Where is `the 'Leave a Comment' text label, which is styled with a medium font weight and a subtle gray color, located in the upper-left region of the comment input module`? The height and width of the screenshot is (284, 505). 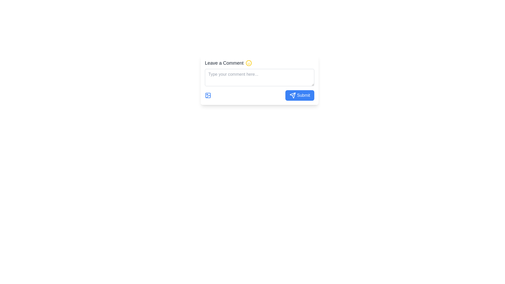
the 'Leave a Comment' text label, which is styled with a medium font weight and a subtle gray color, located in the upper-left region of the comment input module is located at coordinates (224, 63).